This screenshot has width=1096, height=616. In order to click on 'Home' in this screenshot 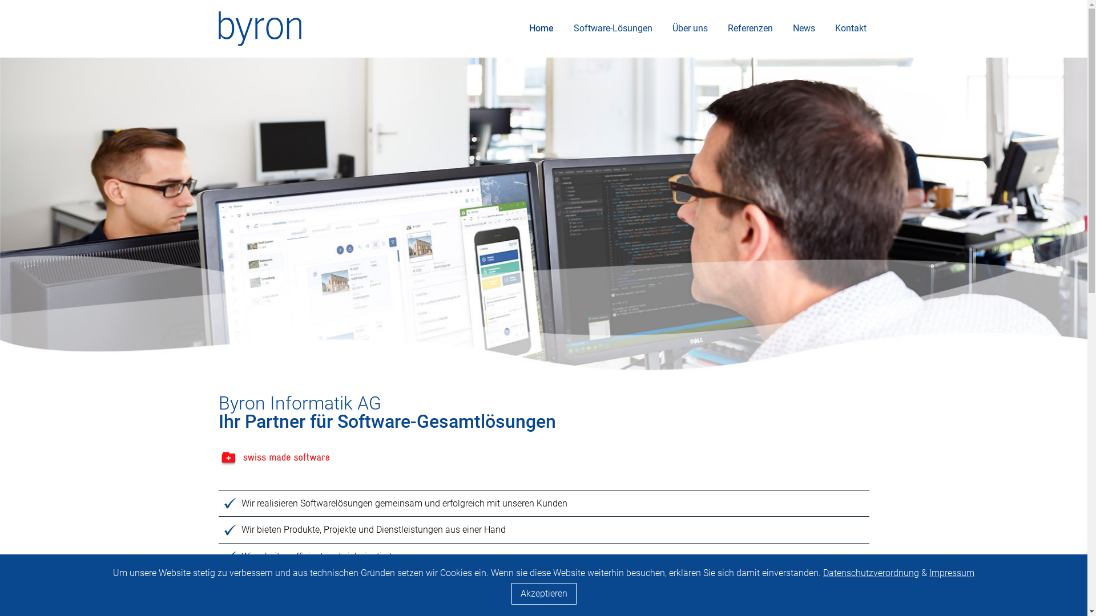, I will do `click(541, 28)`.